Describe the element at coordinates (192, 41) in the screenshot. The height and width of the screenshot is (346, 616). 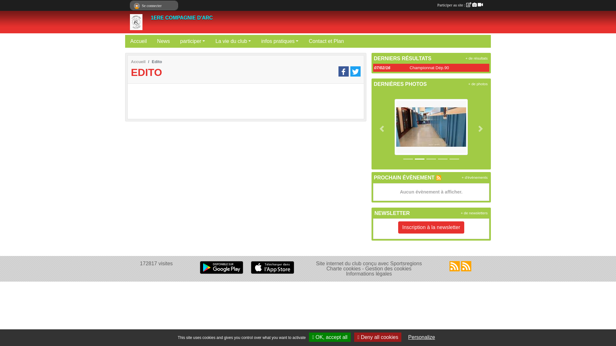
I see `'participer'` at that location.